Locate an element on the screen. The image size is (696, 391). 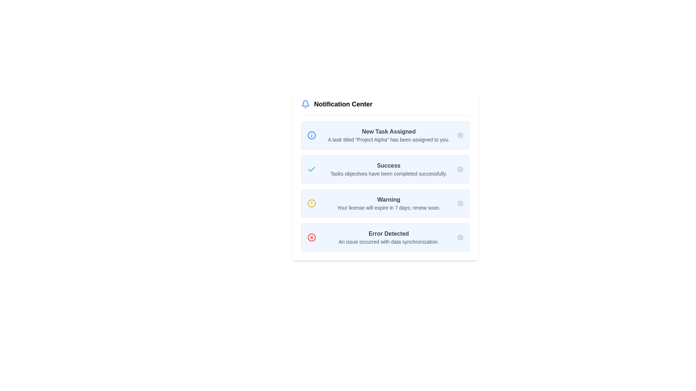
the informational text in the third notification card under the 'Warning' header that provides information about an upcoming license expiration is located at coordinates (388, 208).